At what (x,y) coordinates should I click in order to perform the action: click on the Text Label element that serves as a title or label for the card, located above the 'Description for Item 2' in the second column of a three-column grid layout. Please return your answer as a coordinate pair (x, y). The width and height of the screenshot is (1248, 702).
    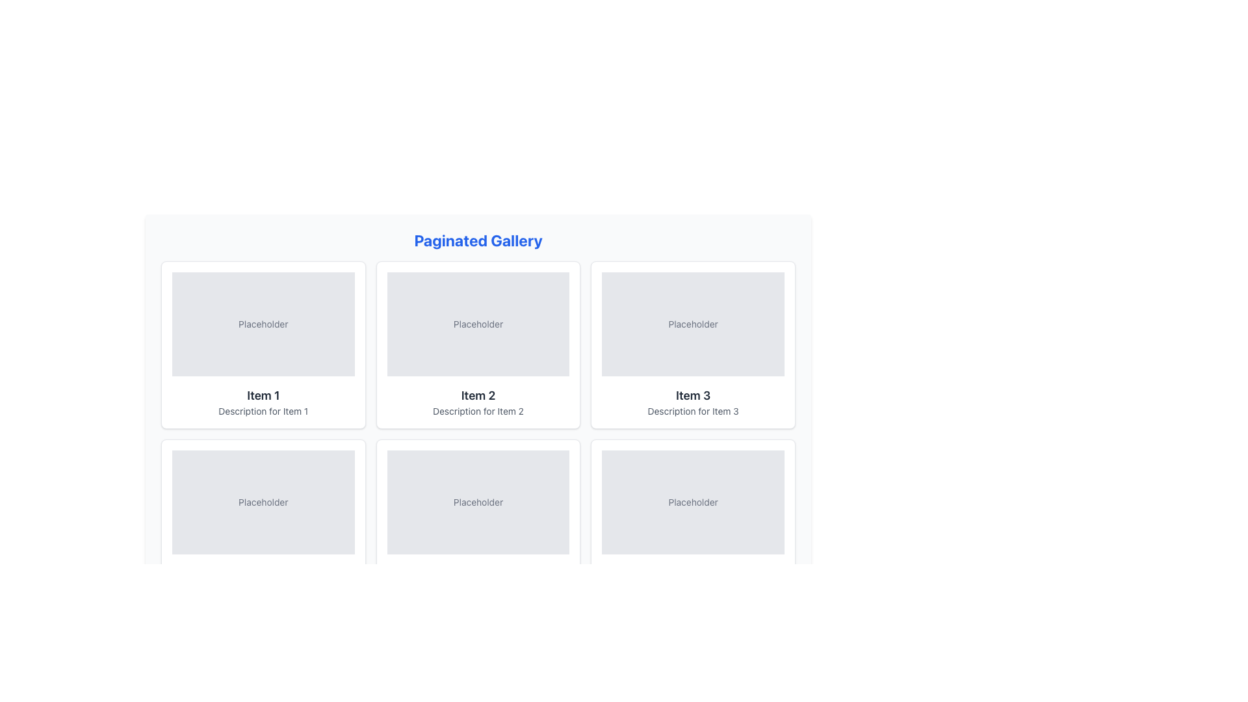
    Looking at the image, I should click on (477, 395).